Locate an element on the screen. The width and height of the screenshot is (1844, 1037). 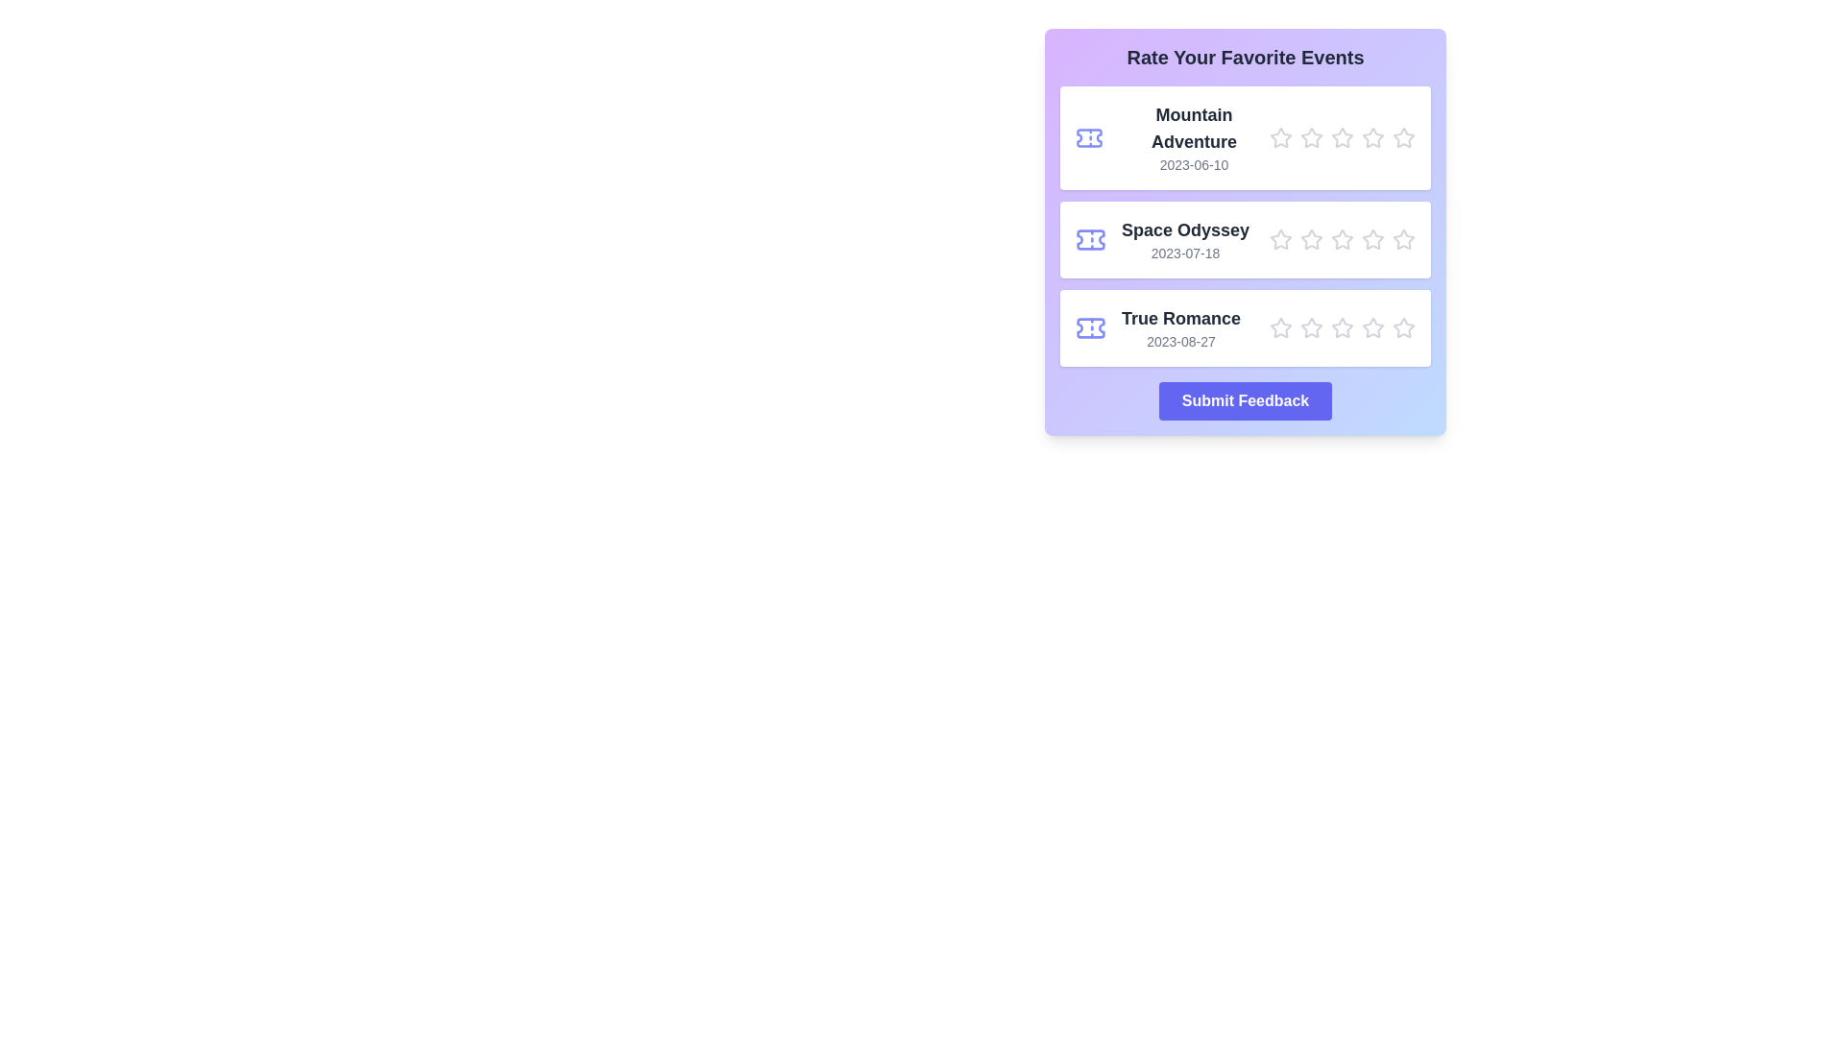
the star corresponding to the rating 5 for the movie Space Odyssey is located at coordinates (1404, 239).